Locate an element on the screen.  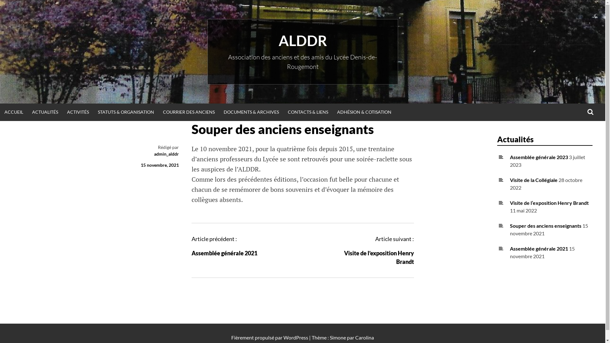
'Souper des anciens enseignants' is located at coordinates (545, 225).